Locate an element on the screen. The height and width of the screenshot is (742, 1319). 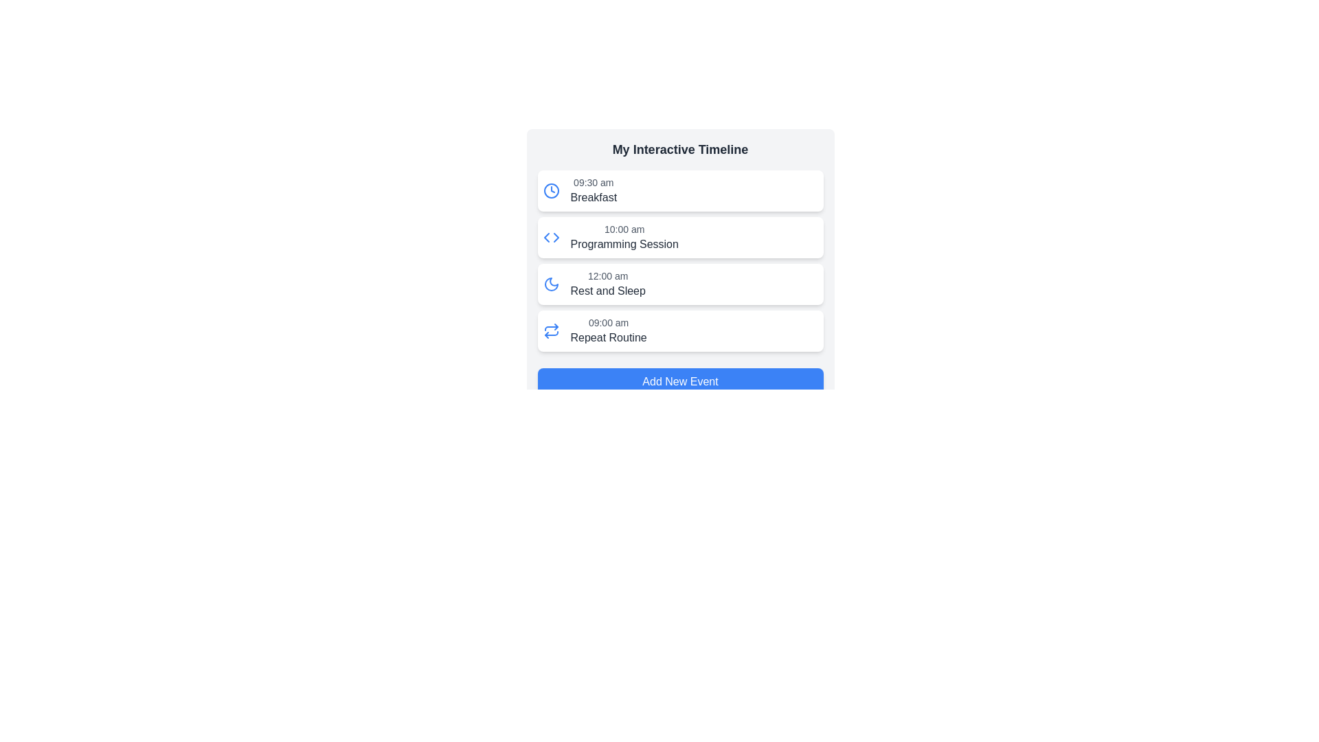
the blue icon resembling HTML or code tags, located to the left of '10:00 am Programming Session' in the second item of the timeline interface is located at coordinates (551, 237).